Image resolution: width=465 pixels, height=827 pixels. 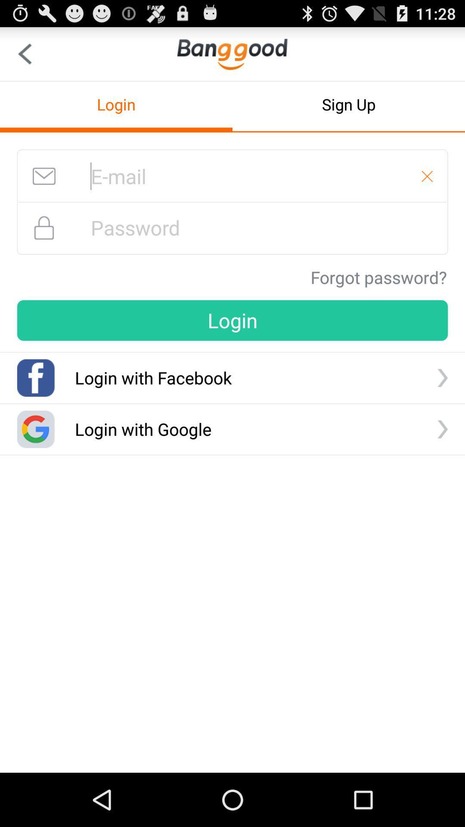 I want to click on the forgot password? item, so click(x=378, y=277).